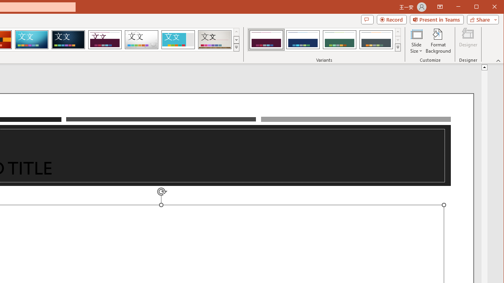 The height and width of the screenshot is (283, 504). What do you see at coordinates (215, 39) in the screenshot?
I see `'Gallery'` at bounding box center [215, 39].